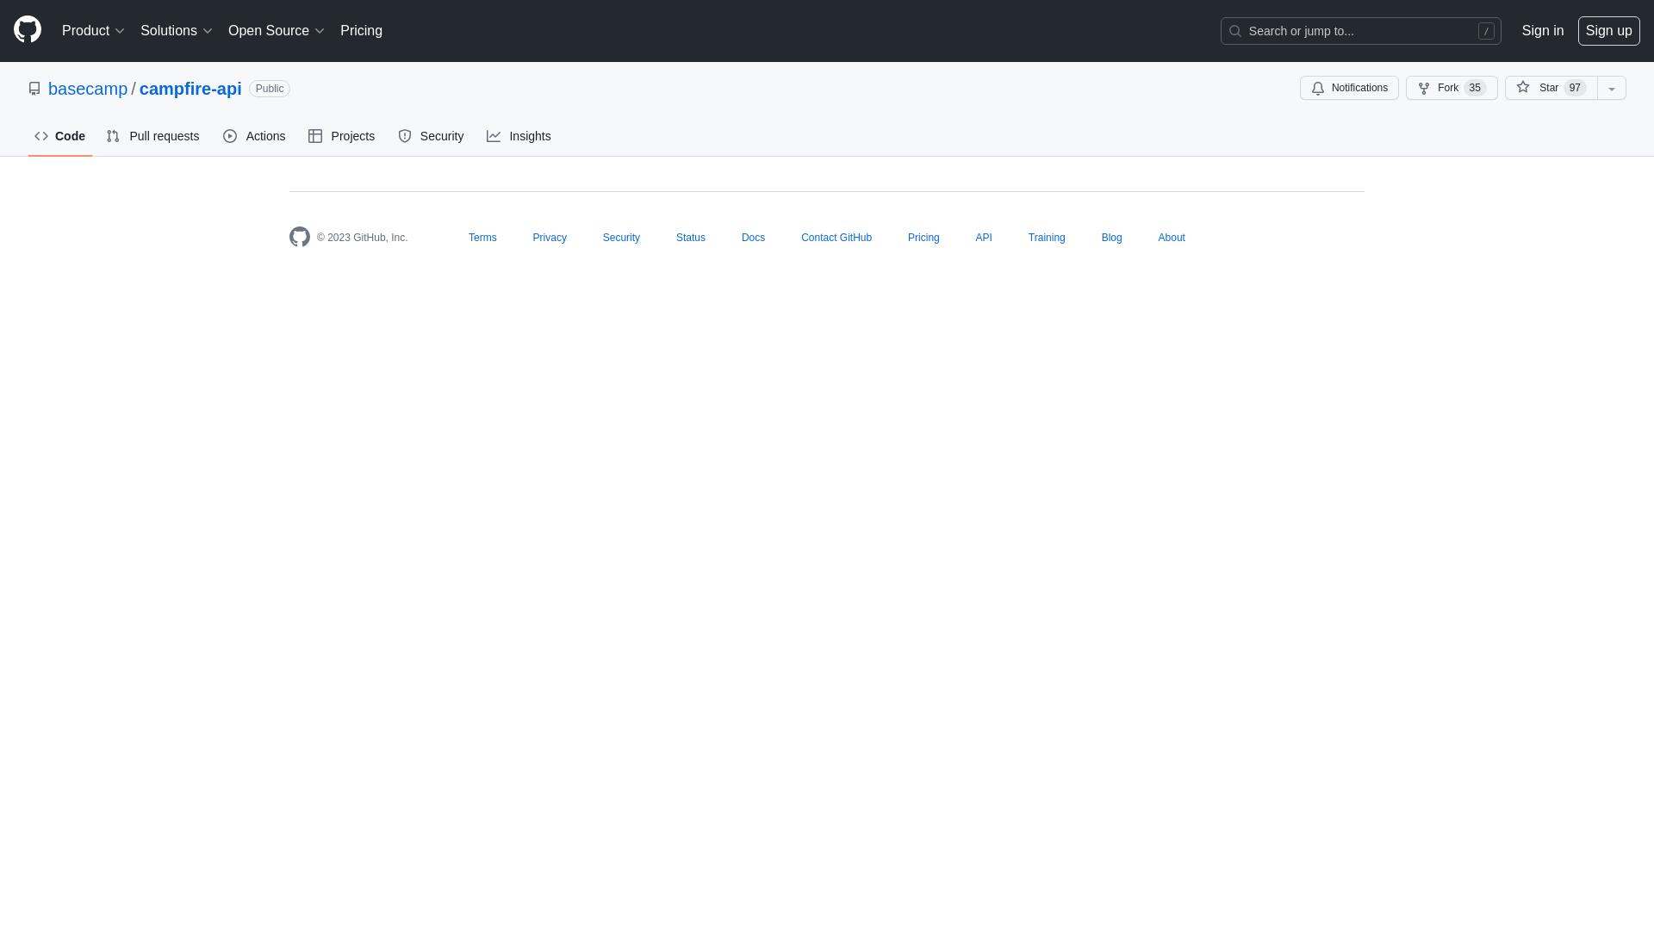 The width and height of the screenshot is (1654, 930). I want to click on 'Actions', so click(254, 135).